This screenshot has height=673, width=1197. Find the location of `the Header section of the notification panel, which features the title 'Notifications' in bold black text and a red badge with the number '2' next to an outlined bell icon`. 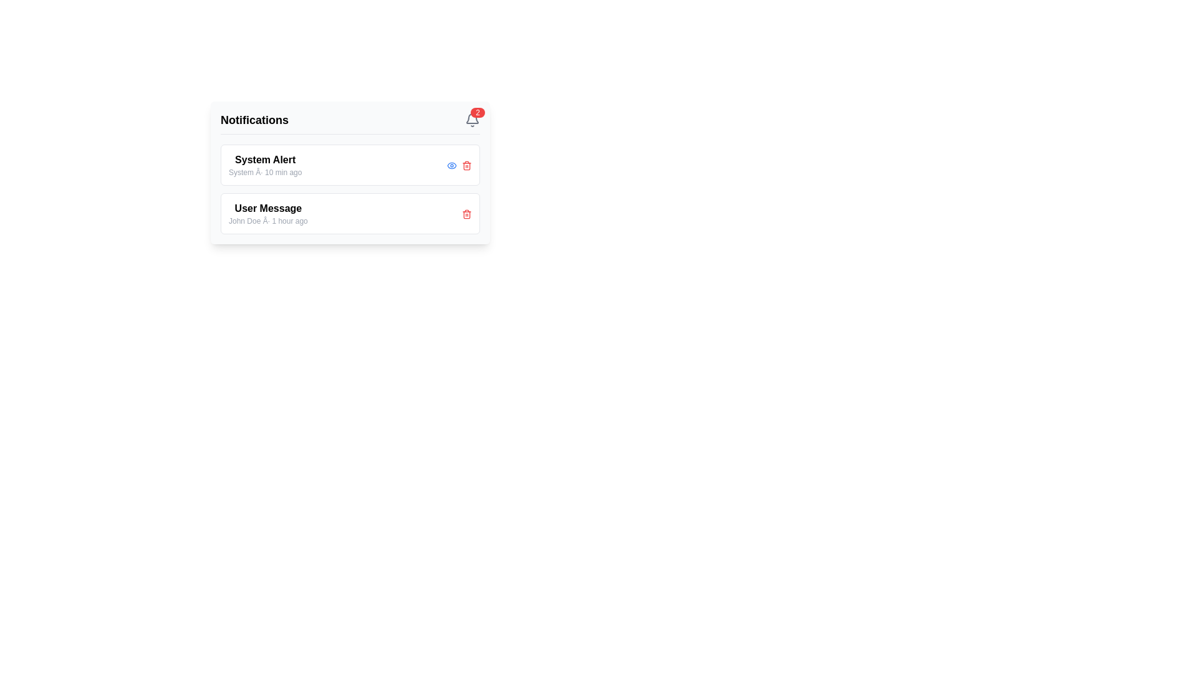

the Header section of the notification panel, which features the title 'Notifications' in bold black text and a red badge with the number '2' next to an outlined bell icon is located at coordinates (349, 123).